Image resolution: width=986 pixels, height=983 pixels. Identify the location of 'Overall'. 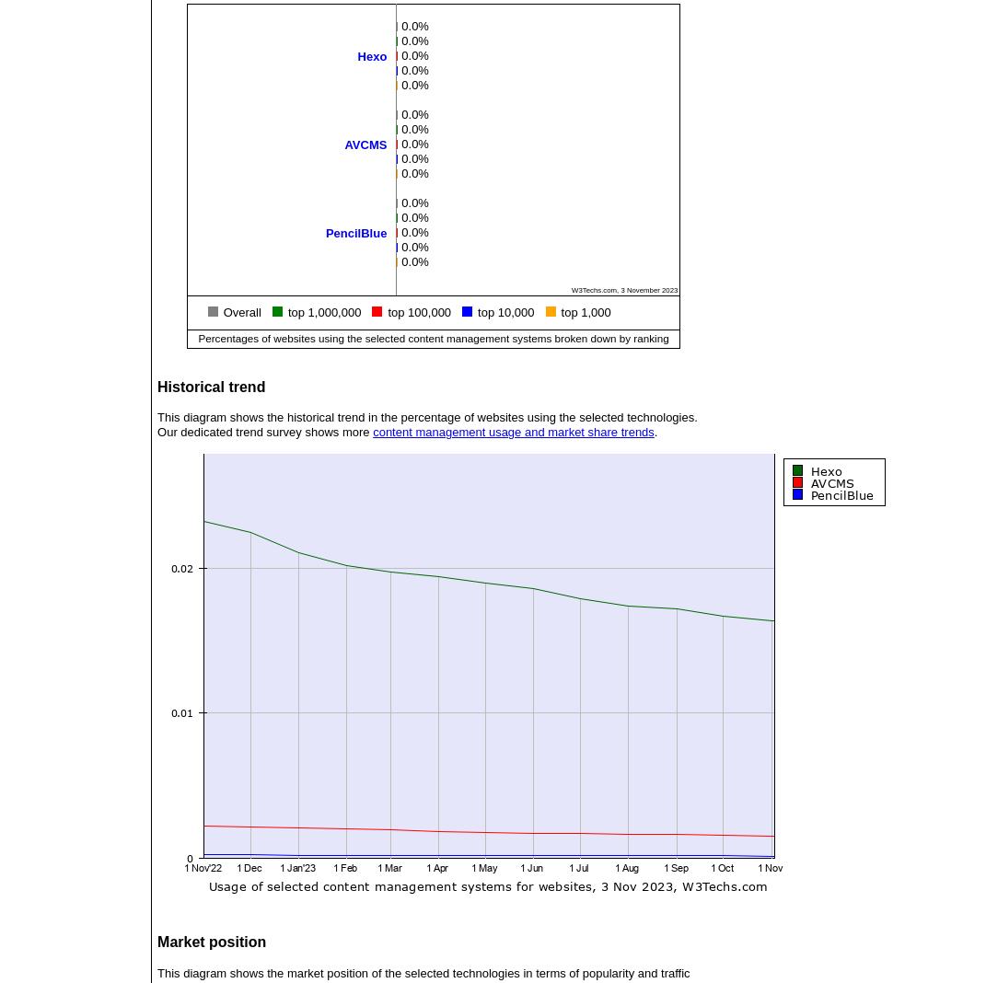
(241, 310).